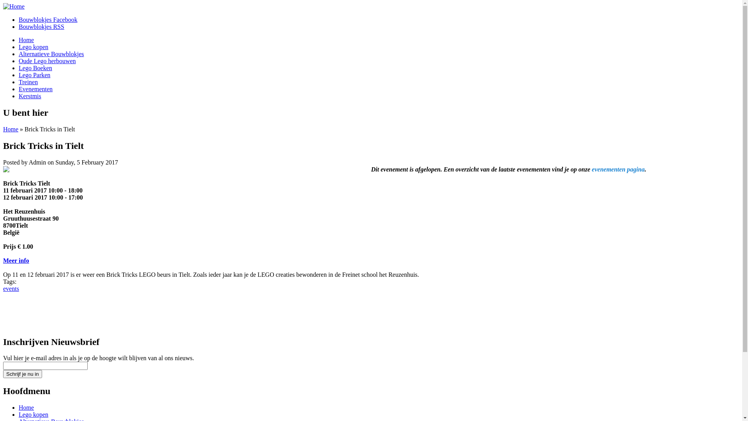  Describe the element at coordinates (47, 60) in the screenshot. I see `'Oude Lego herbouwen'` at that location.